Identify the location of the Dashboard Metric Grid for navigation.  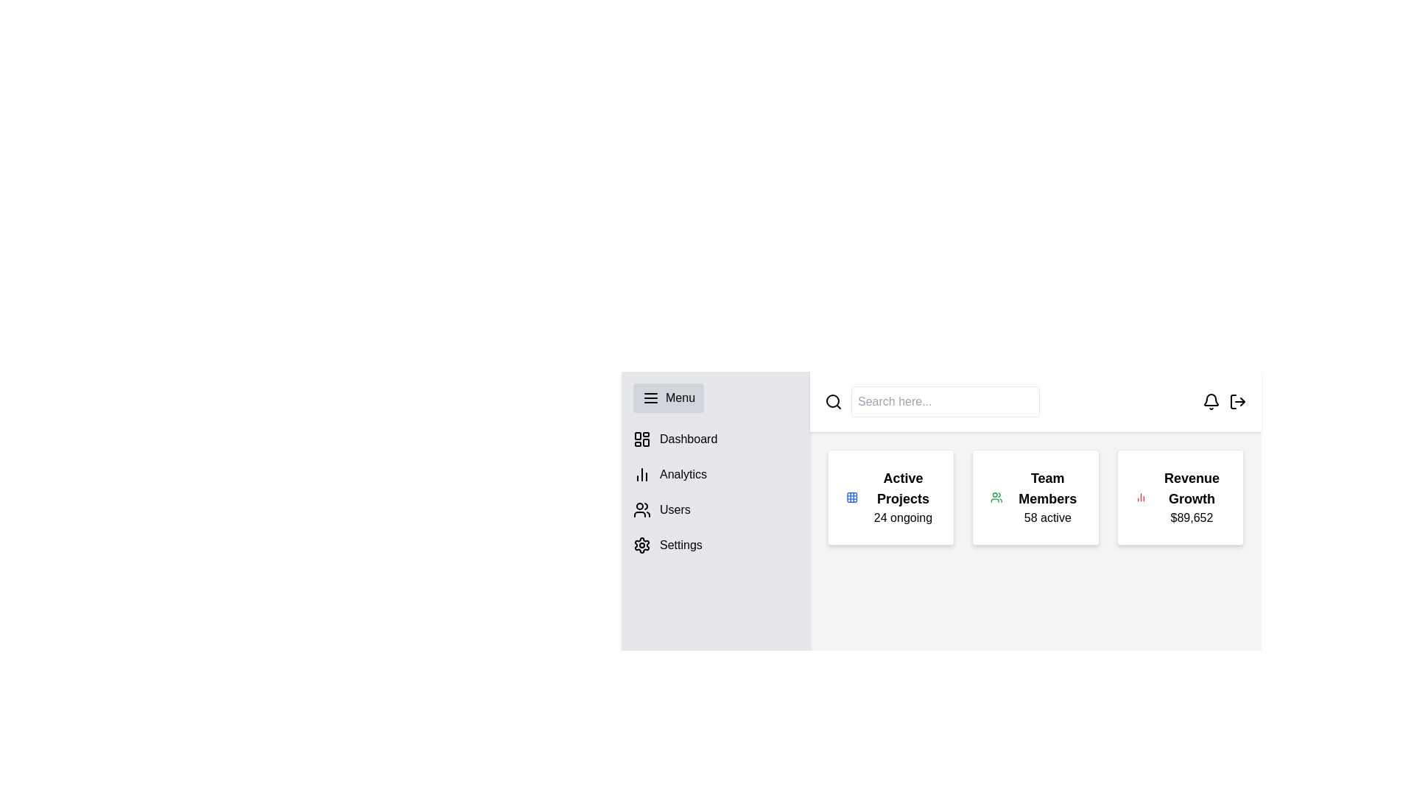
(1035, 497).